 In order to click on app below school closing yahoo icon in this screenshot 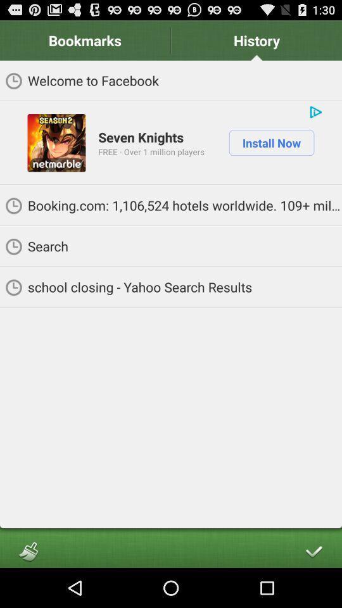, I will do `click(313, 550)`.